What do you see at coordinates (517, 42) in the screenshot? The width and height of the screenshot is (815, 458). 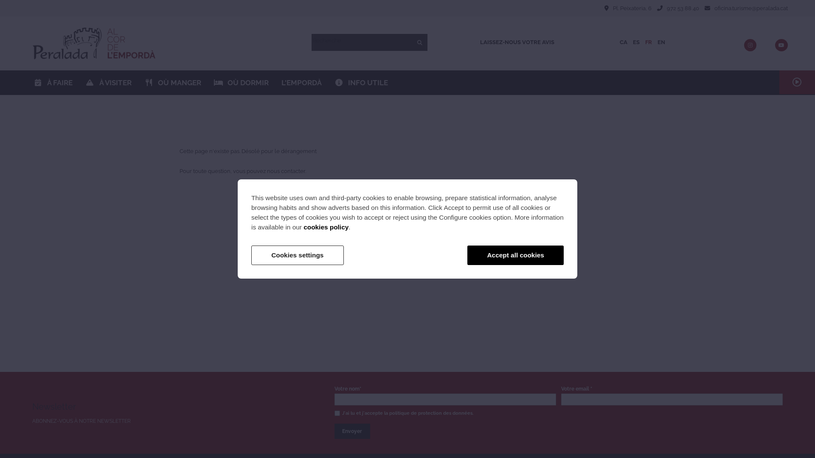 I see `'LAISSEZ-NOUS VOTRE AVIS'` at bounding box center [517, 42].